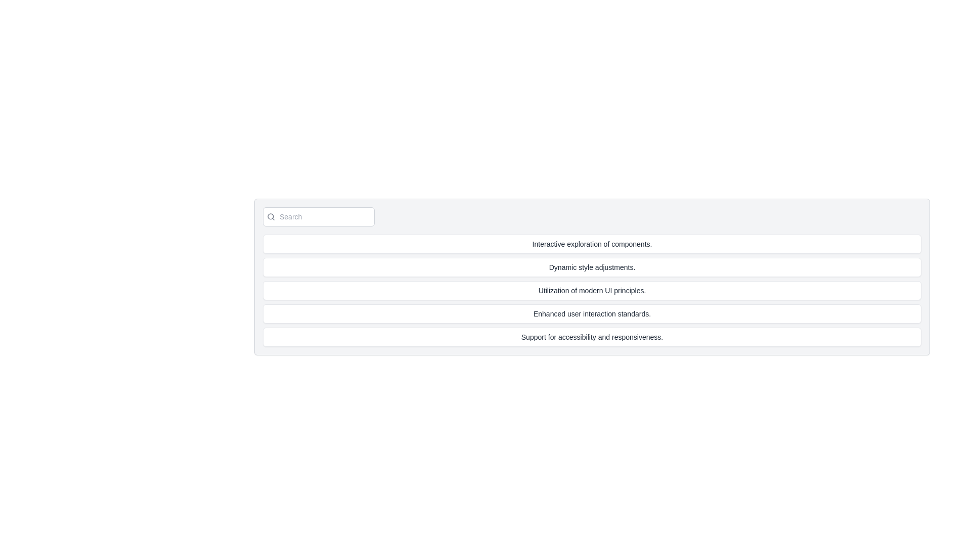 This screenshot has width=971, height=546. I want to click on the static text character at the end of the word 'accessibility' in the text line 'Support for accessibility and responsiveness.', so click(584, 337).